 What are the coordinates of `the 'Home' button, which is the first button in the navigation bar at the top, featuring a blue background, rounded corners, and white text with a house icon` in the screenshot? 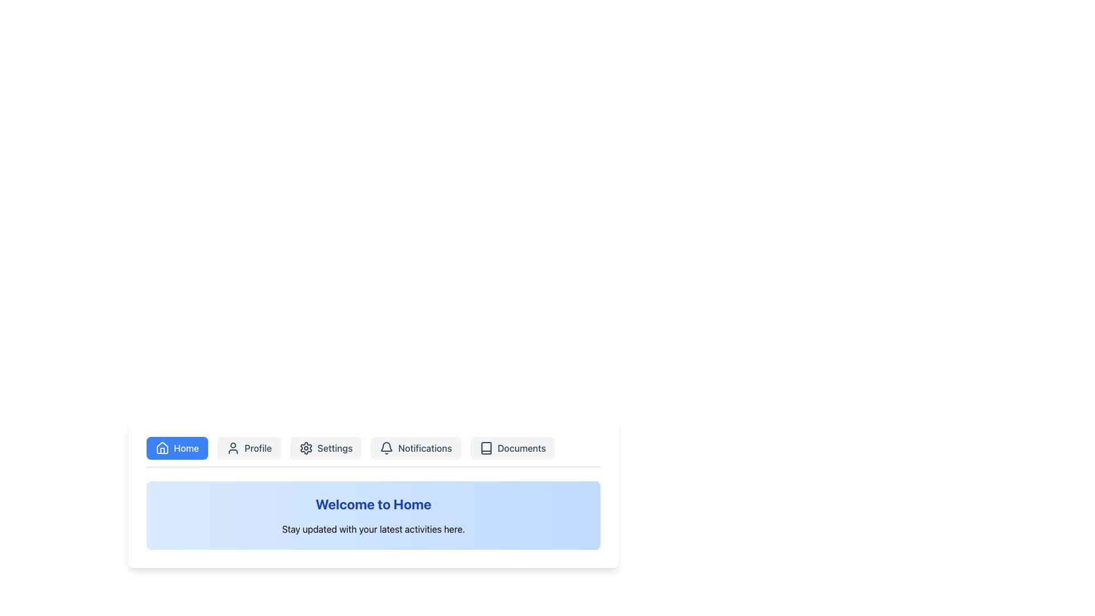 It's located at (177, 448).